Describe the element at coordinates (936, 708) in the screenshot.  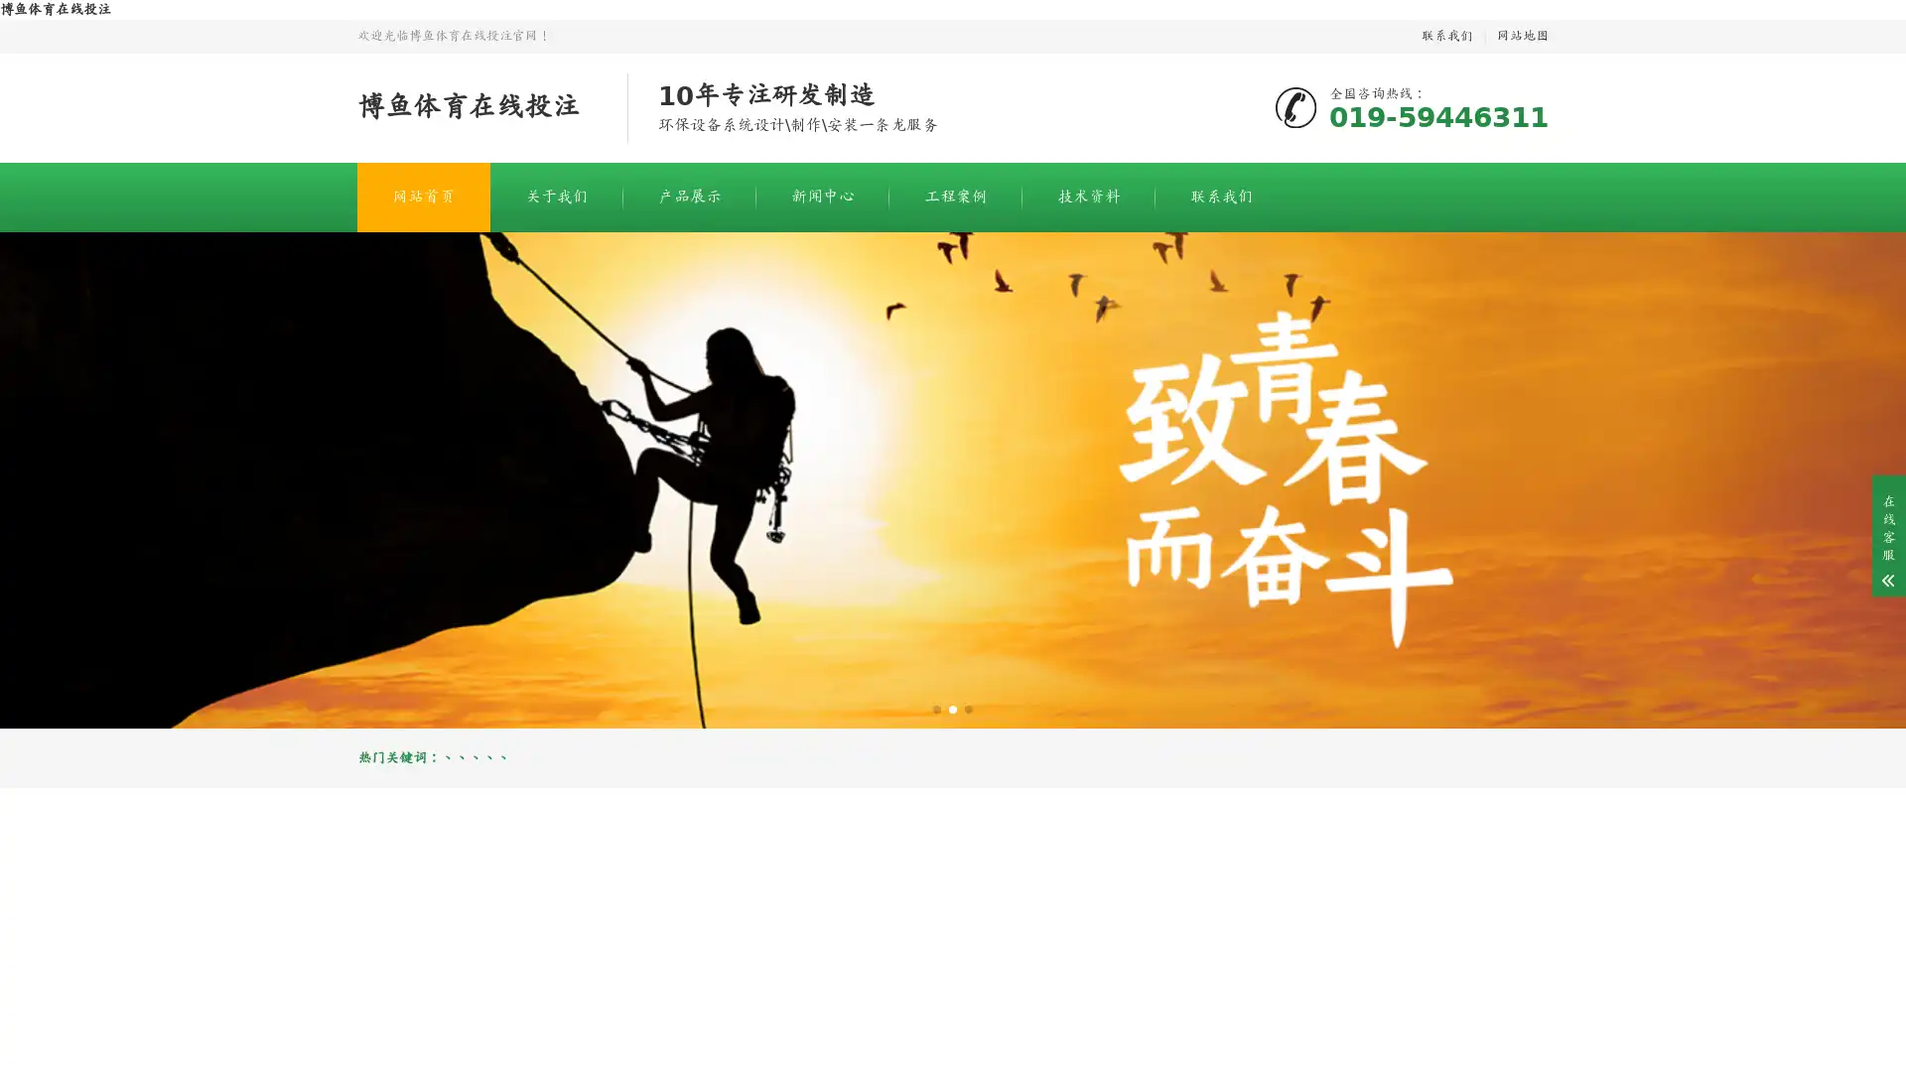
I see `Go to slide 1` at that location.